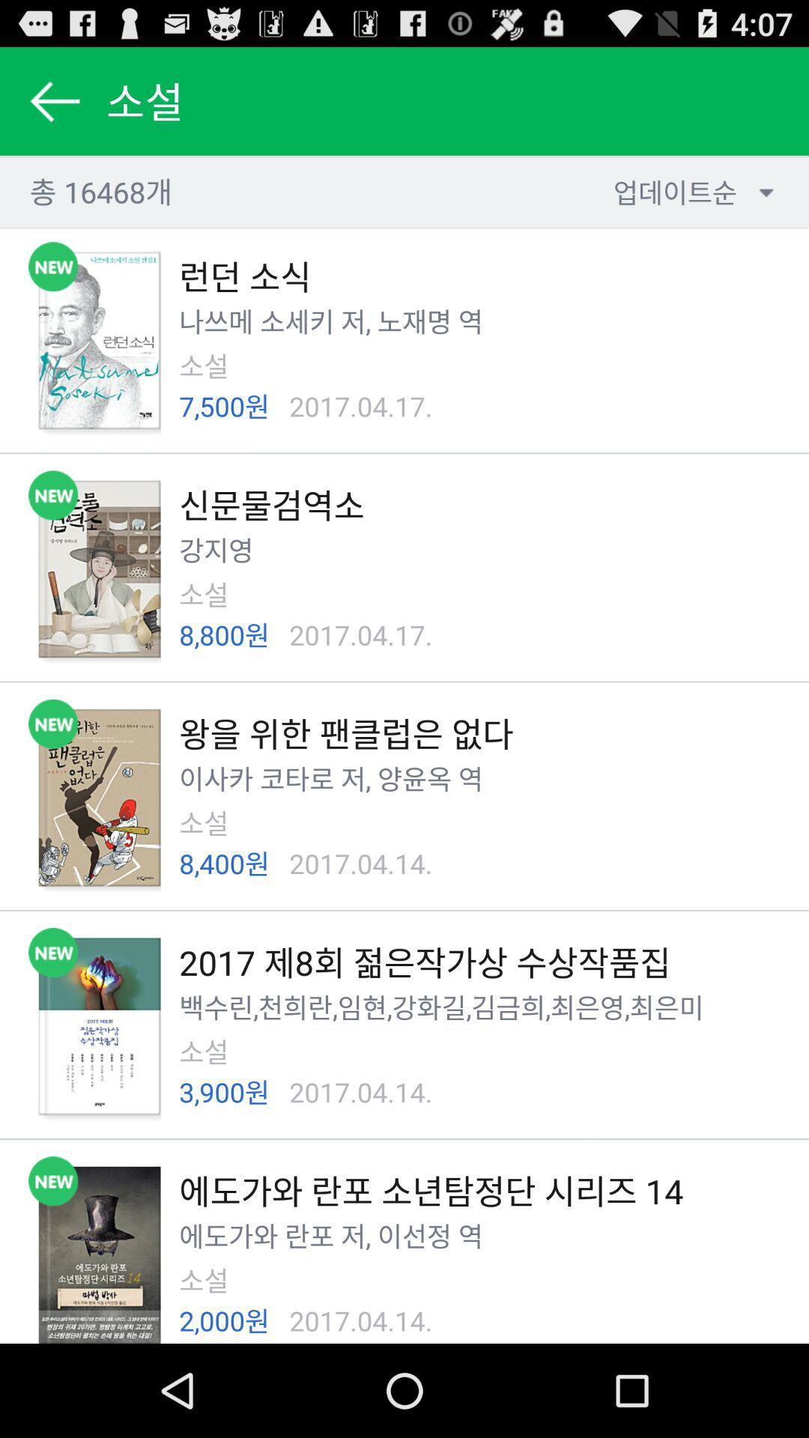 This screenshot has width=809, height=1438. What do you see at coordinates (224, 1320) in the screenshot?
I see `the app to the left of the 2017.04.14. icon` at bounding box center [224, 1320].